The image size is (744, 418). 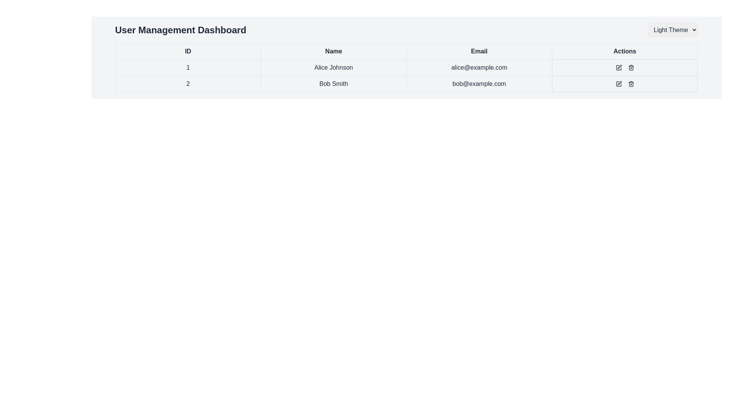 I want to click on the icon button located in the second row of the 'Actions' column in the 'User Management Dashboard' to possibly see a tooltip, so click(x=631, y=67).